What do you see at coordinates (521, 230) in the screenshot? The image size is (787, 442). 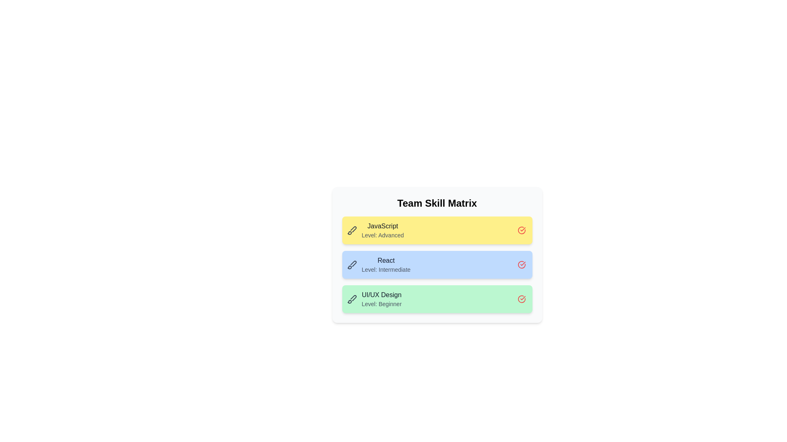 I see `the skill JavaScript from the list` at bounding box center [521, 230].